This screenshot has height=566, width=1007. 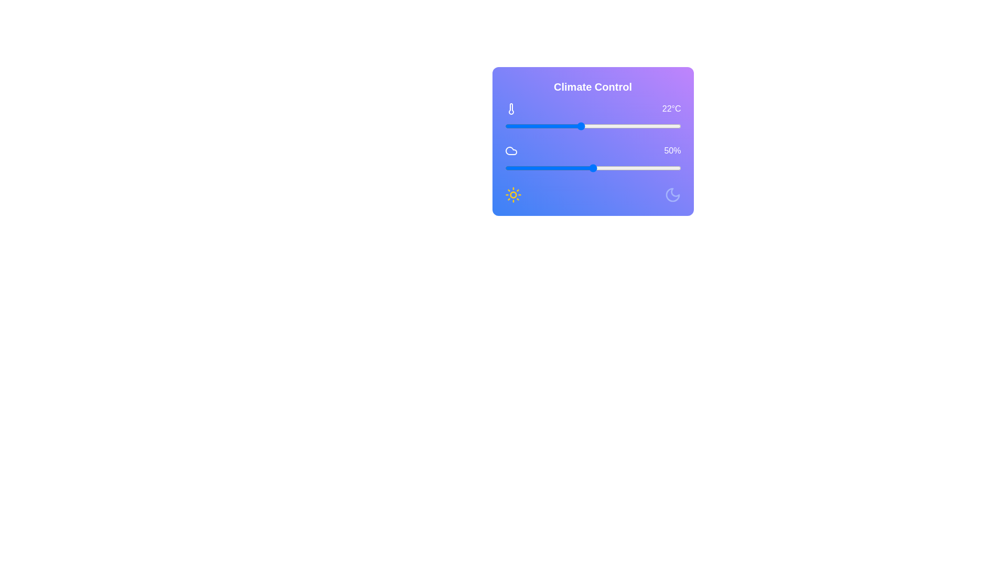 I want to click on the temperature indicator icon located at the top left of the climate control panel, near the label 'Climate Control', so click(x=511, y=109).